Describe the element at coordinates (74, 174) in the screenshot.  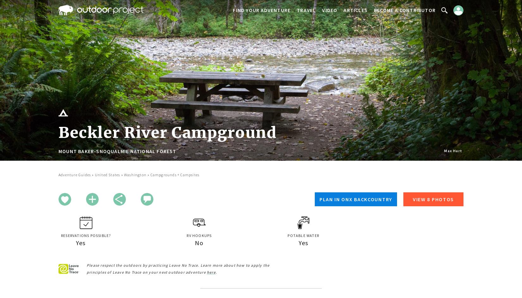
I see `'Adventure Guides'` at that location.